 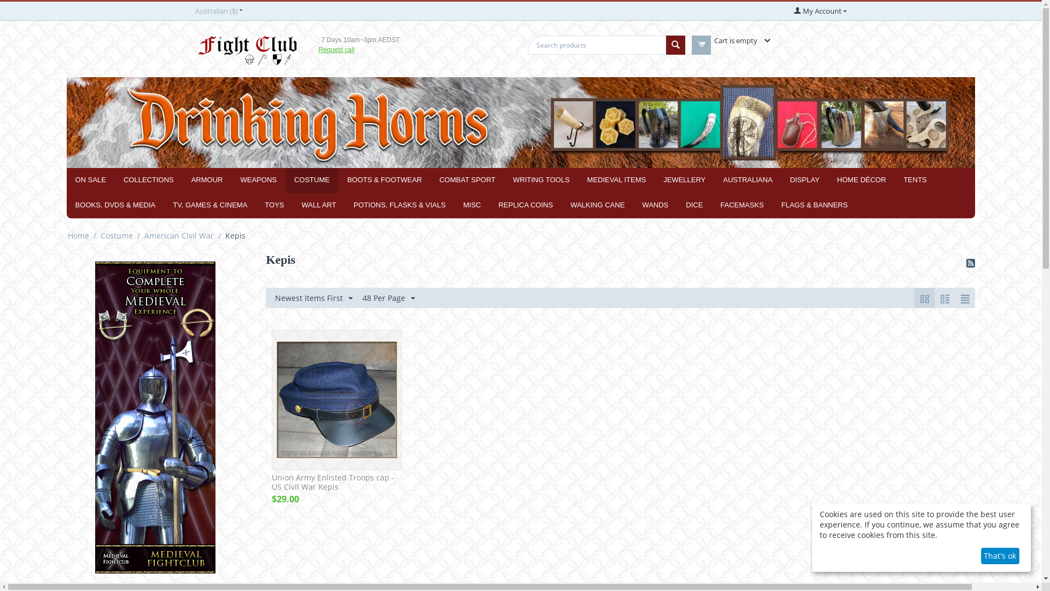 What do you see at coordinates (66, 235) in the screenshot?
I see `'Home'` at bounding box center [66, 235].